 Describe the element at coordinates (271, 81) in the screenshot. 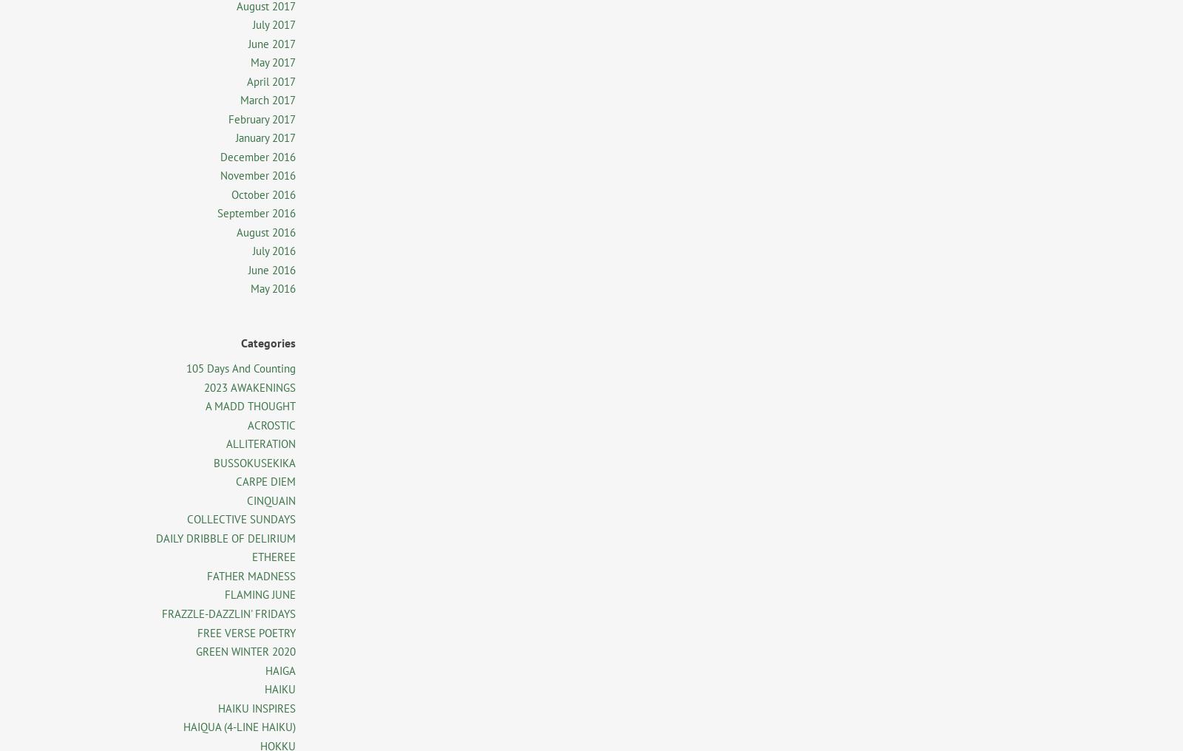

I see `'April 2017'` at that location.